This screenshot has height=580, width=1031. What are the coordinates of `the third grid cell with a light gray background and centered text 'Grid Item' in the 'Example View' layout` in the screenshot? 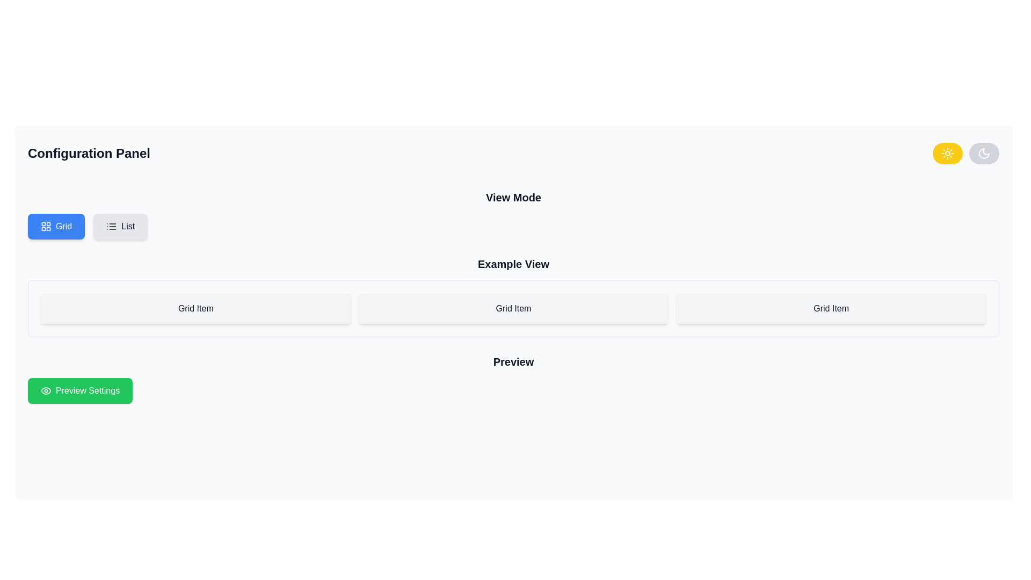 It's located at (831, 308).